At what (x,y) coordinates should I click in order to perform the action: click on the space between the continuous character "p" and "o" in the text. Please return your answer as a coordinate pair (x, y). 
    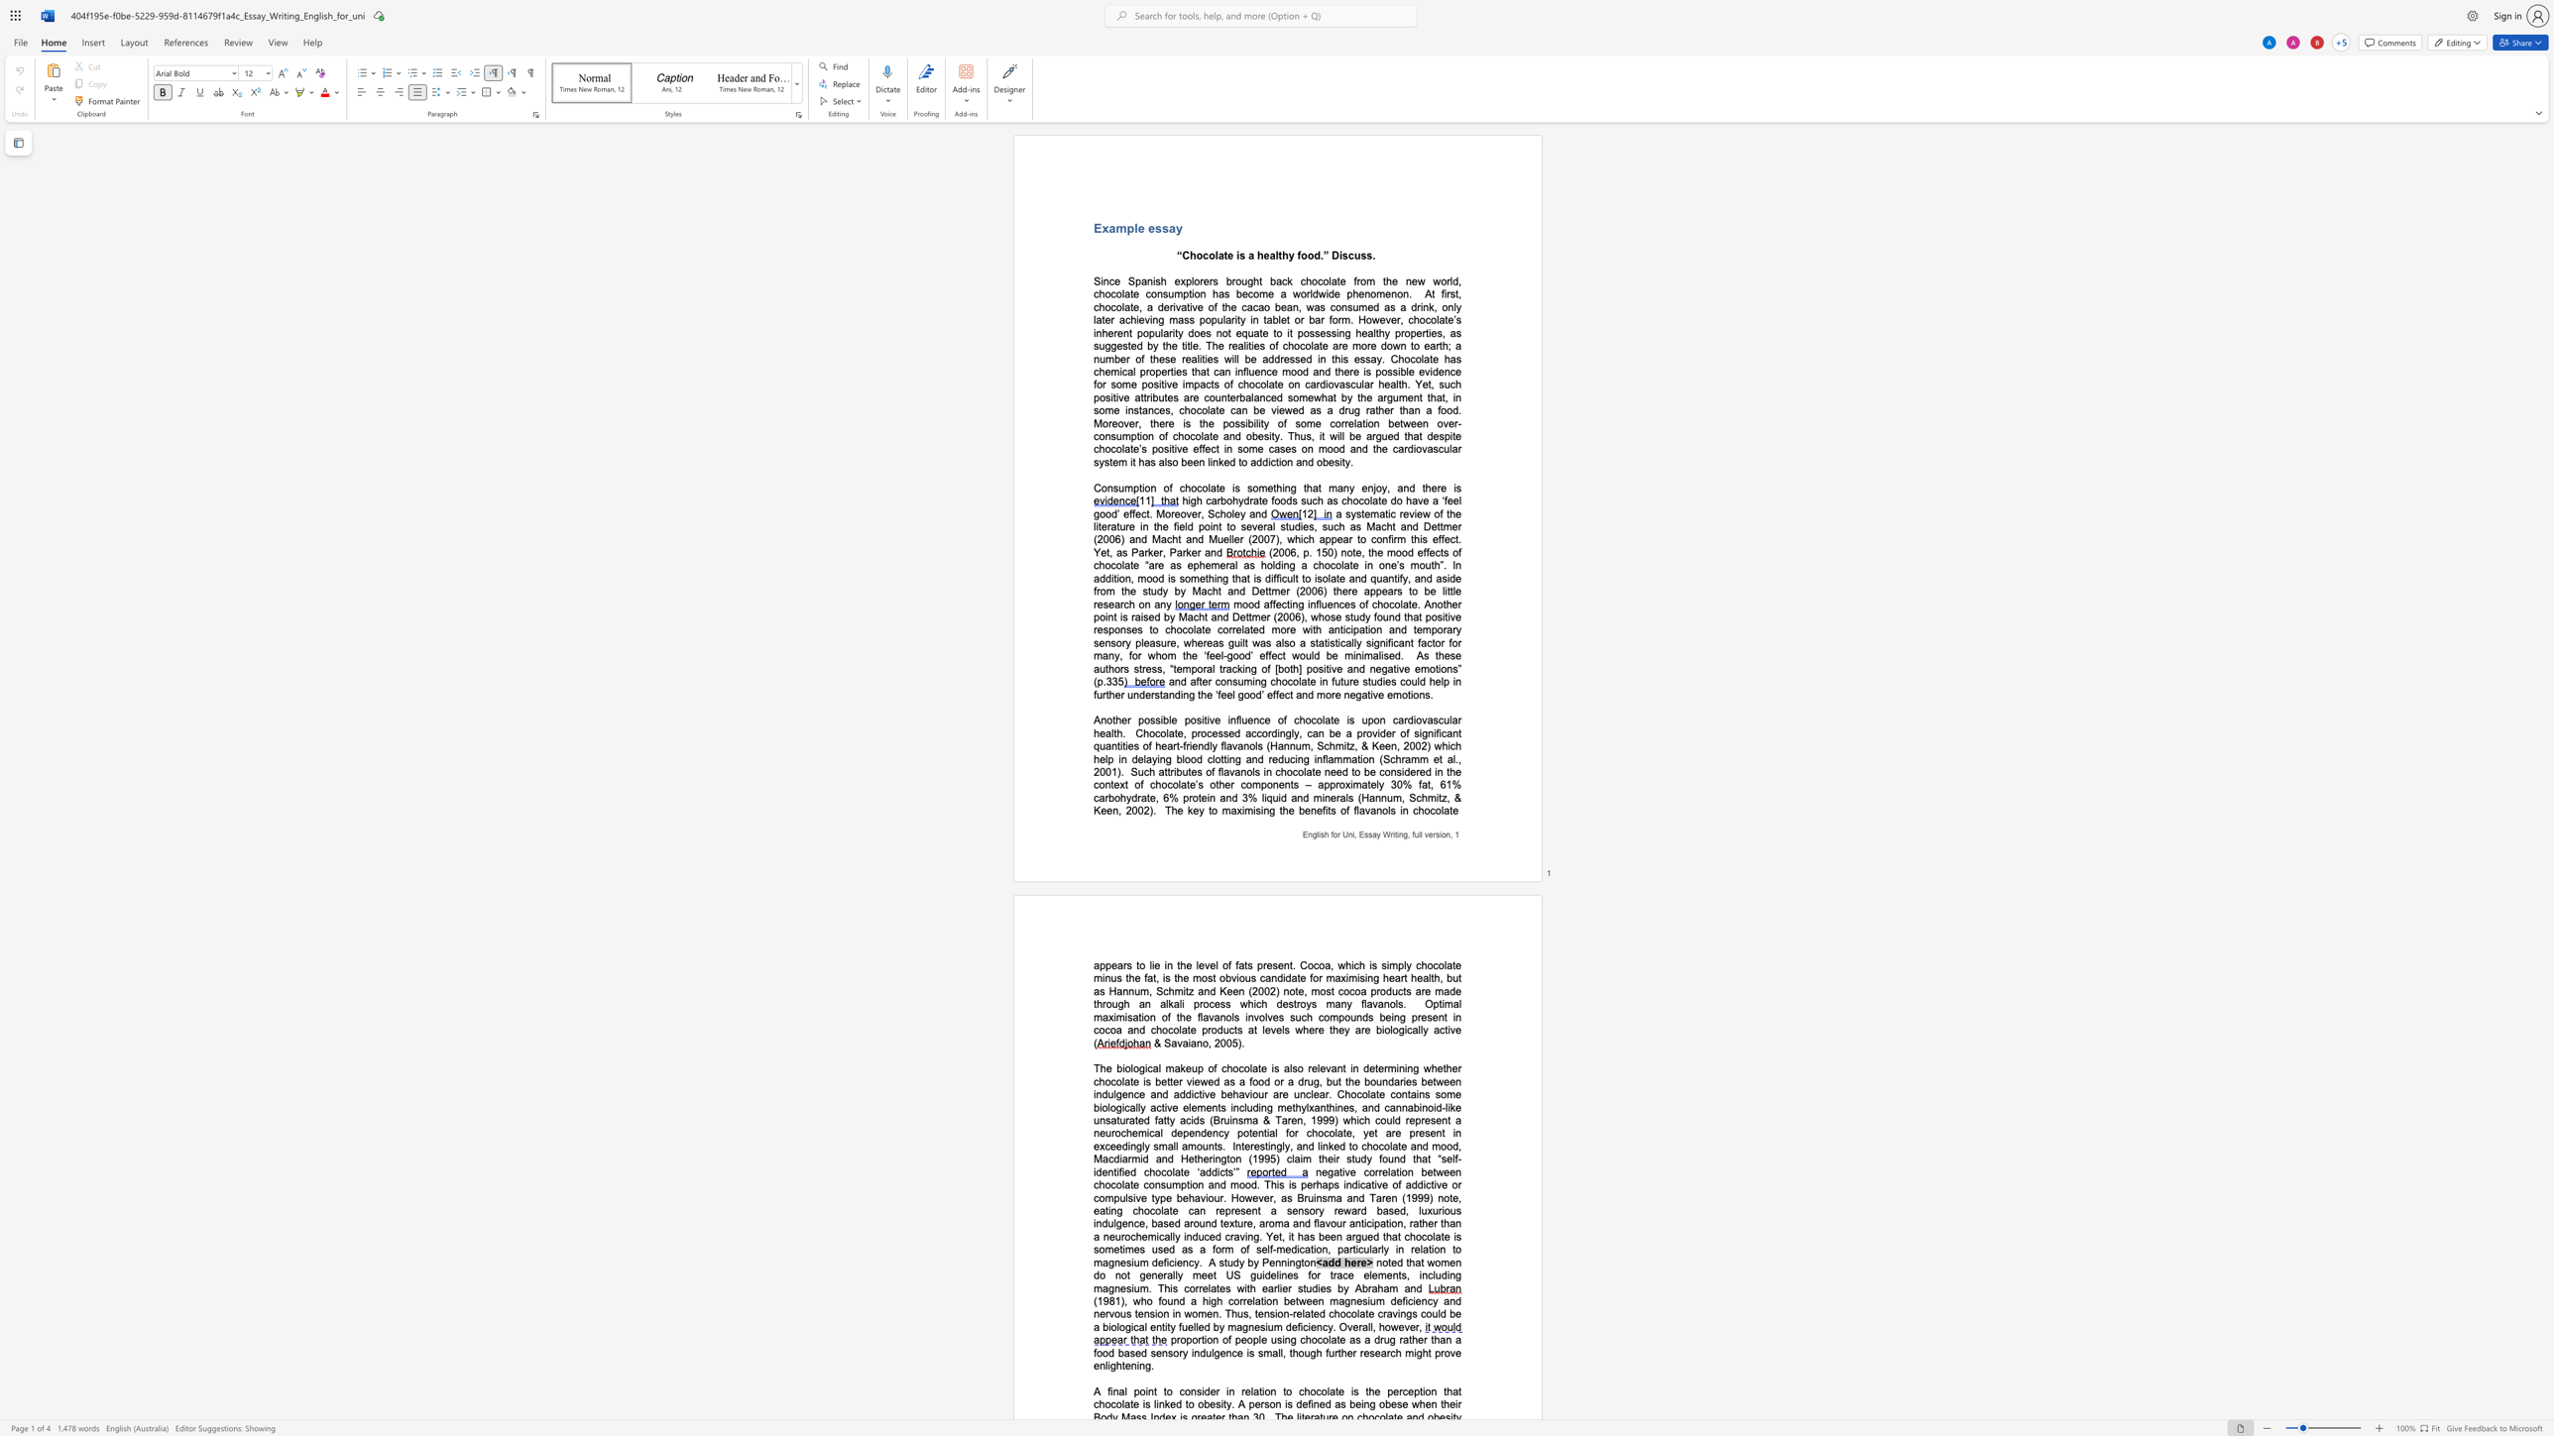
    Looking at the image, I should click on (1138, 1390).